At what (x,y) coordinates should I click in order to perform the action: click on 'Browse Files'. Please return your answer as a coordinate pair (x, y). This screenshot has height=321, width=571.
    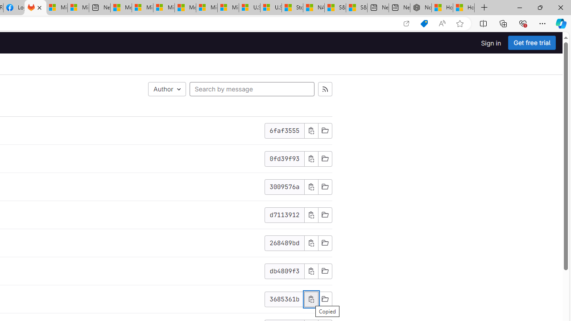
    Looking at the image, I should click on (324, 299).